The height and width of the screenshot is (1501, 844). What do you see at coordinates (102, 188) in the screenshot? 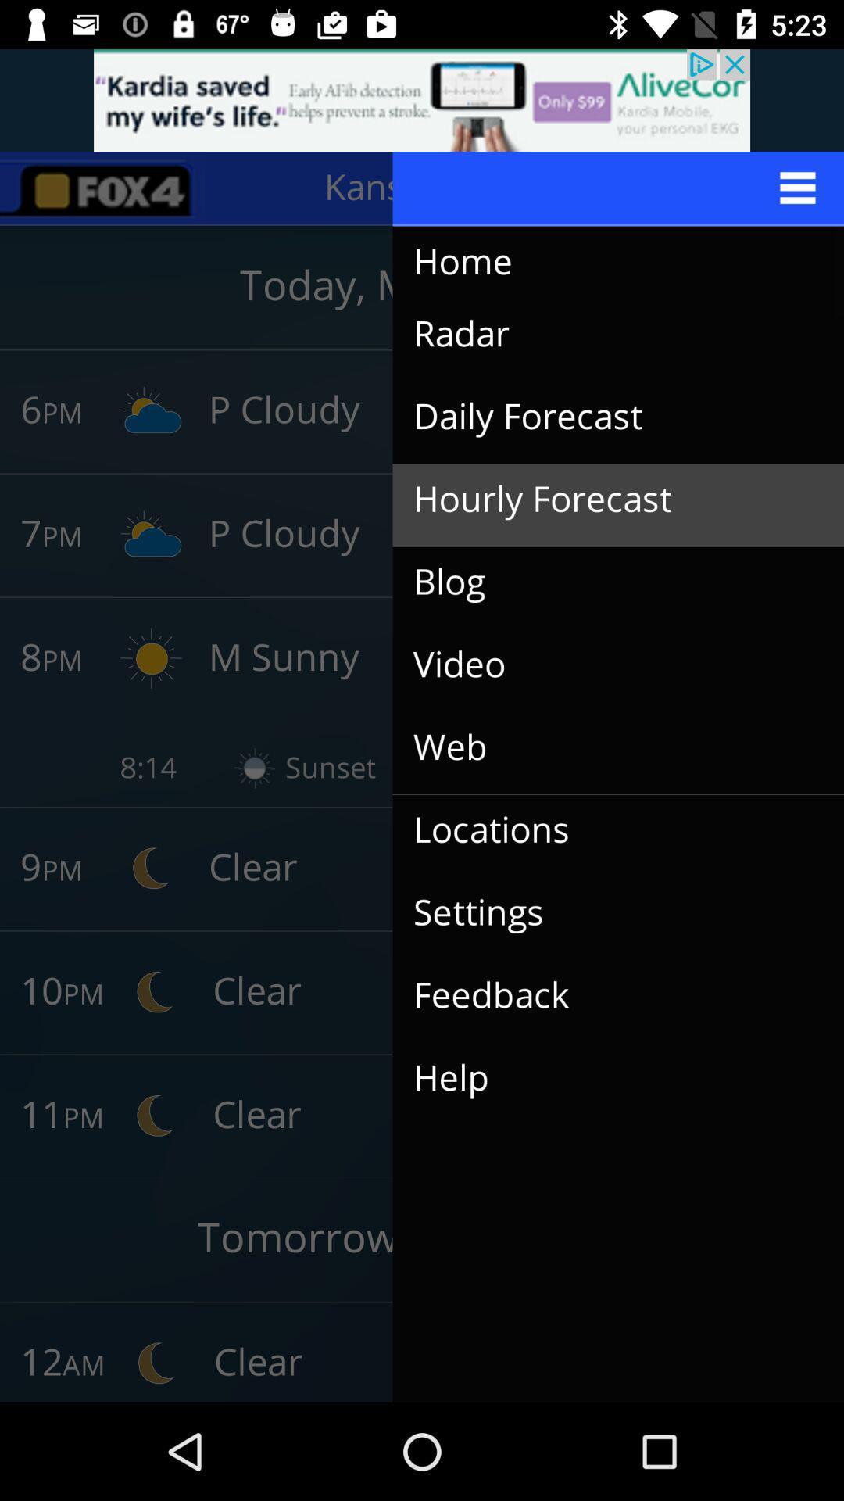
I see `the sliders icon` at bounding box center [102, 188].